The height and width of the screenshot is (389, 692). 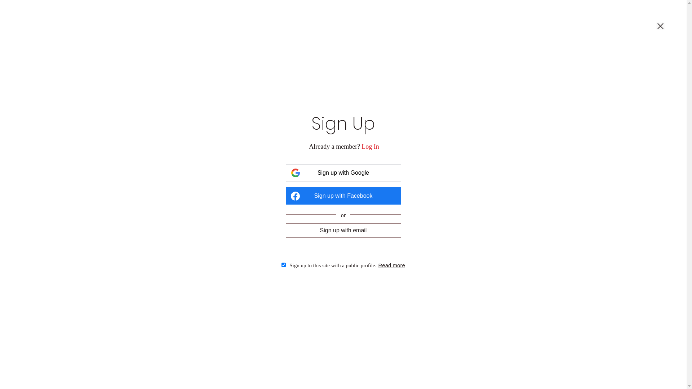 I want to click on 'Sign up with Facebook', so click(x=342, y=196).